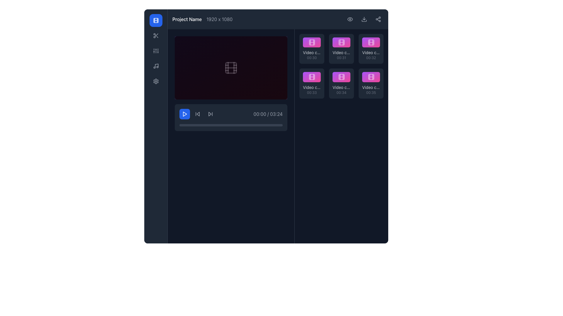 This screenshot has width=563, height=316. Describe the element at coordinates (311, 42) in the screenshot. I see `the visual representation of the rectangle with rounded corners that is part of the film reel icon located on the left side of the icon within the SVG graphic element` at that location.